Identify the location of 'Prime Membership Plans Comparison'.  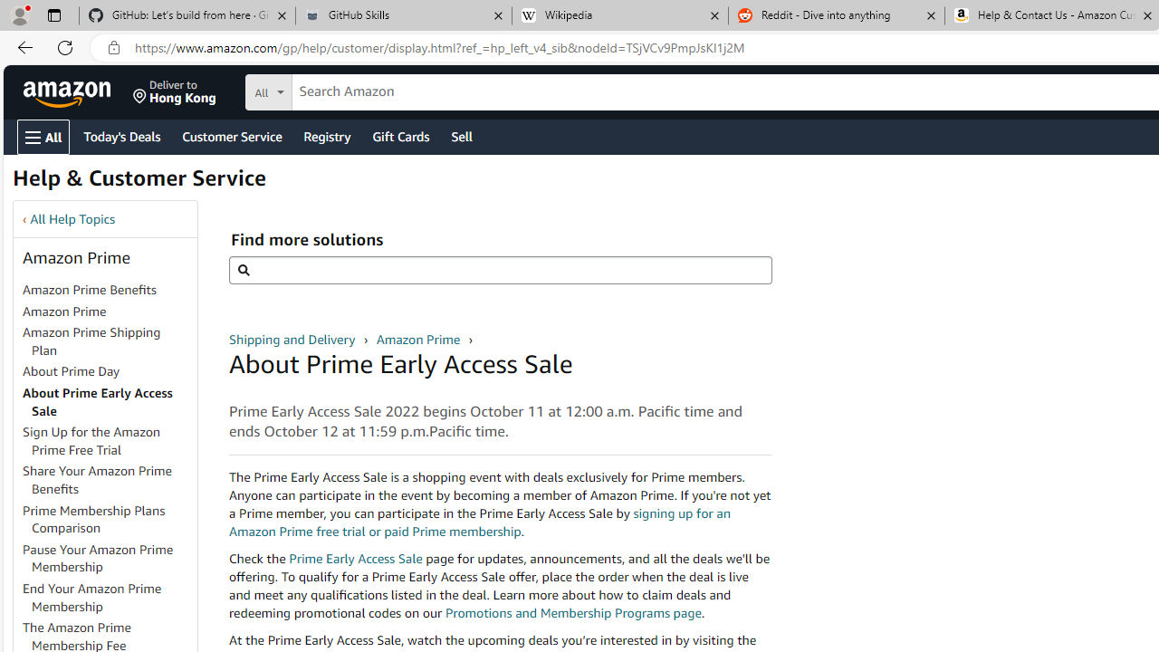
(108, 519).